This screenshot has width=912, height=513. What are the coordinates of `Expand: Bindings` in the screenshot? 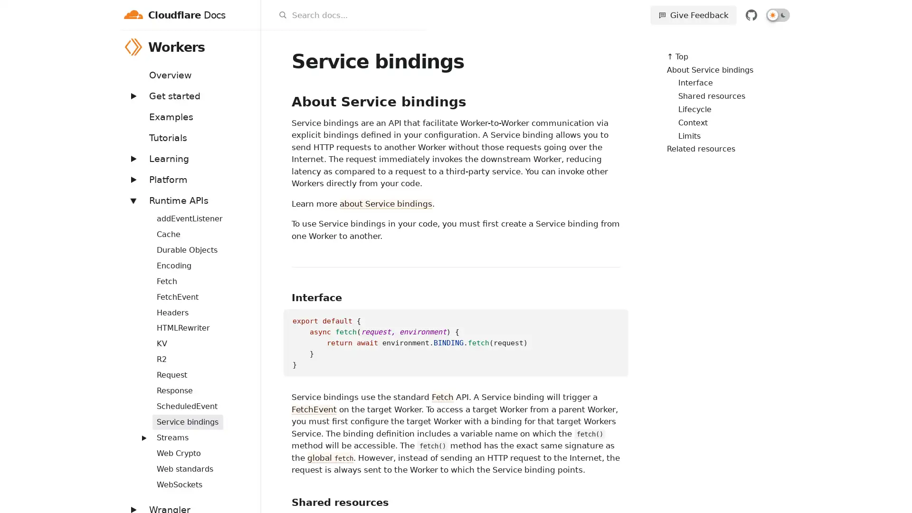 It's located at (138, 212).